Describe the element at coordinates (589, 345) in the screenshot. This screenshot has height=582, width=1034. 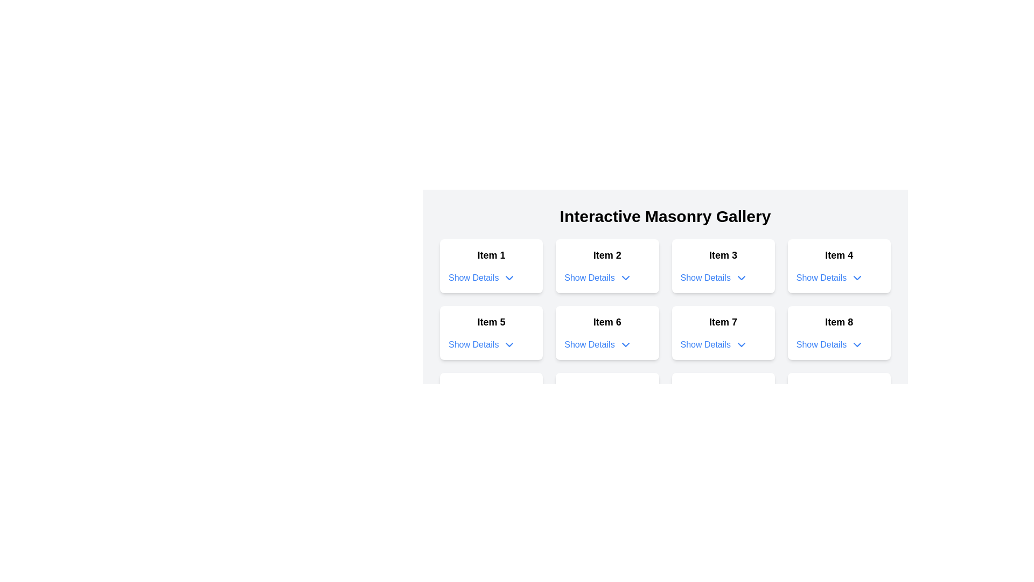
I see `the 'Show Details' text link located beneath 'Item 6' in the middle-right section of the layout` at that location.